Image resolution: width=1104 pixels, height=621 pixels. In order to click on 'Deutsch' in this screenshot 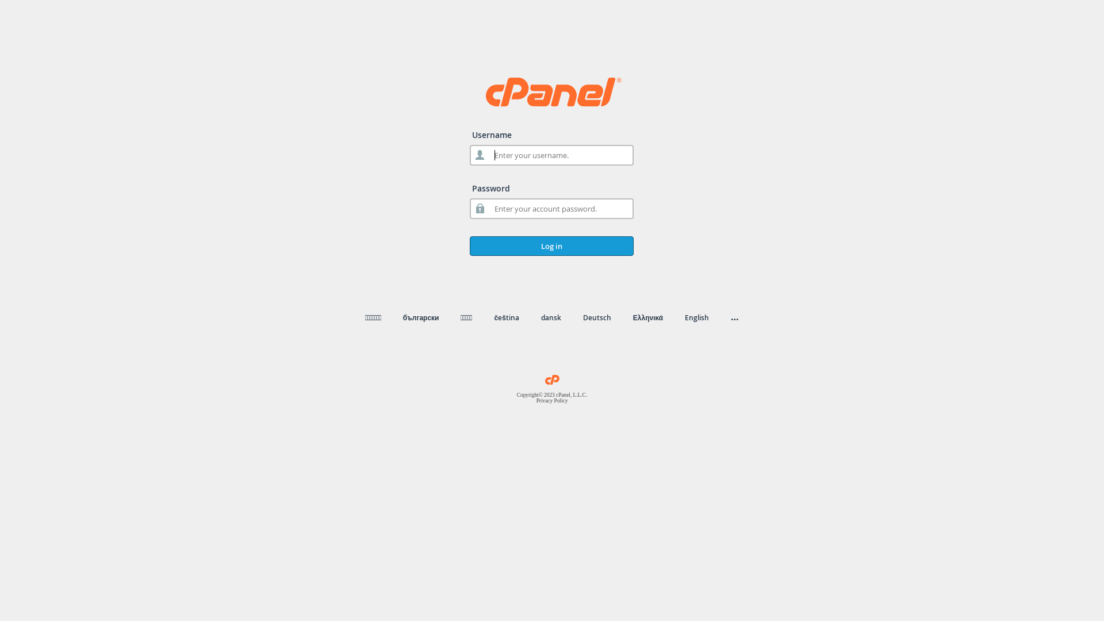, I will do `click(597, 317)`.